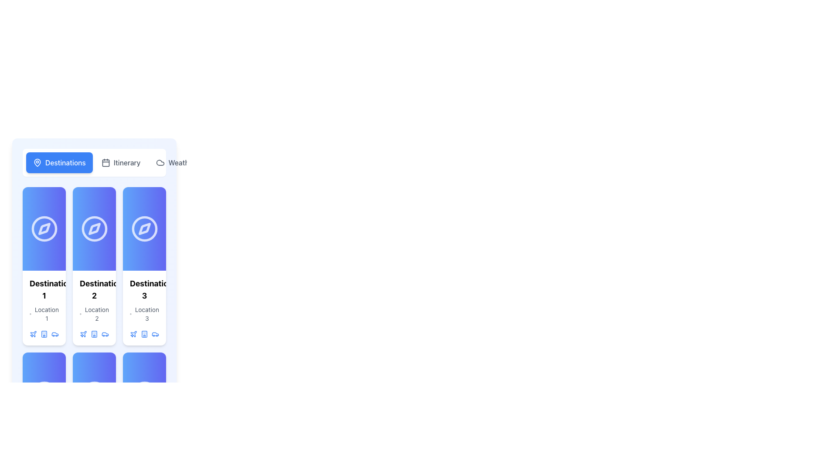 The height and width of the screenshot is (470, 837). Describe the element at coordinates (133, 333) in the screenshot. I see `the travel-related icon located at the bottom row of the card labeled Destination 3, which is the first icon from the left` at that location.